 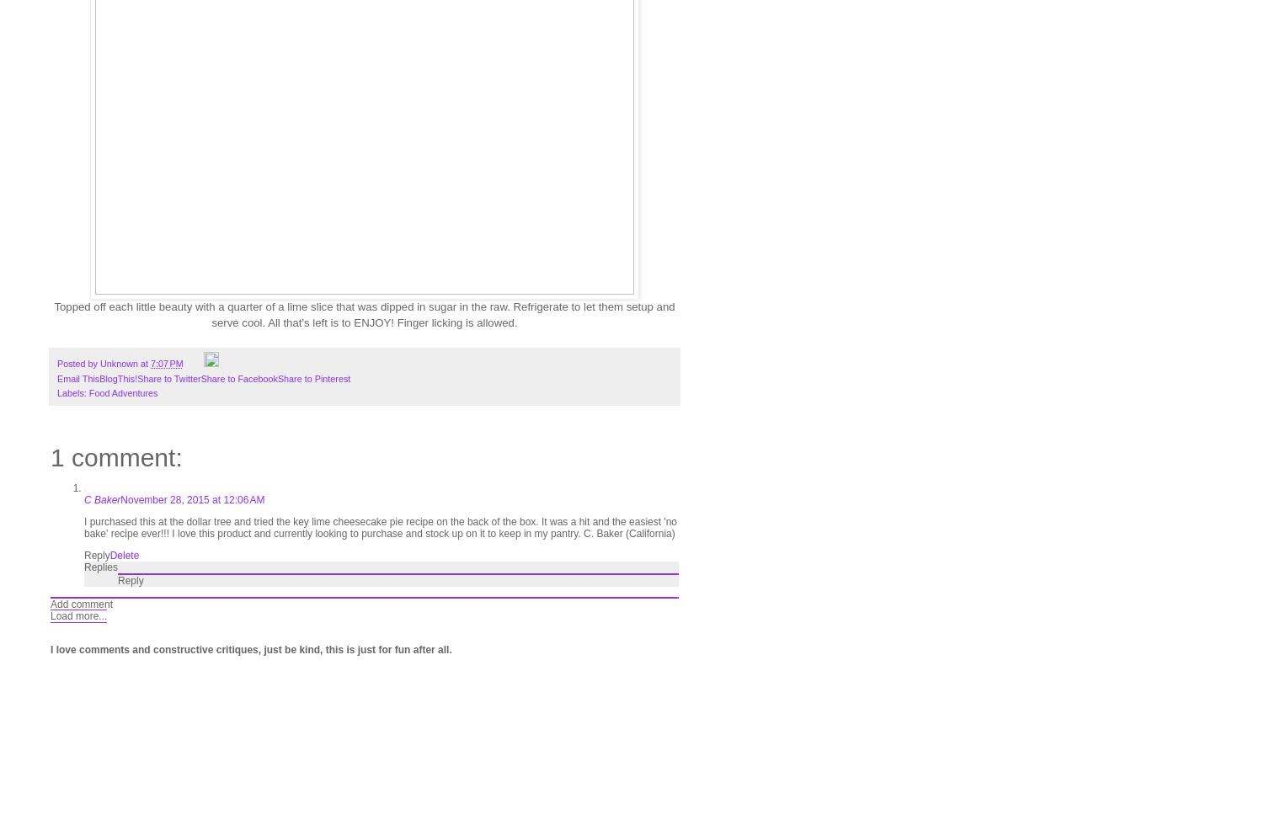 I want to click on 'Share to Pinterest', so click(x=312, y=378).